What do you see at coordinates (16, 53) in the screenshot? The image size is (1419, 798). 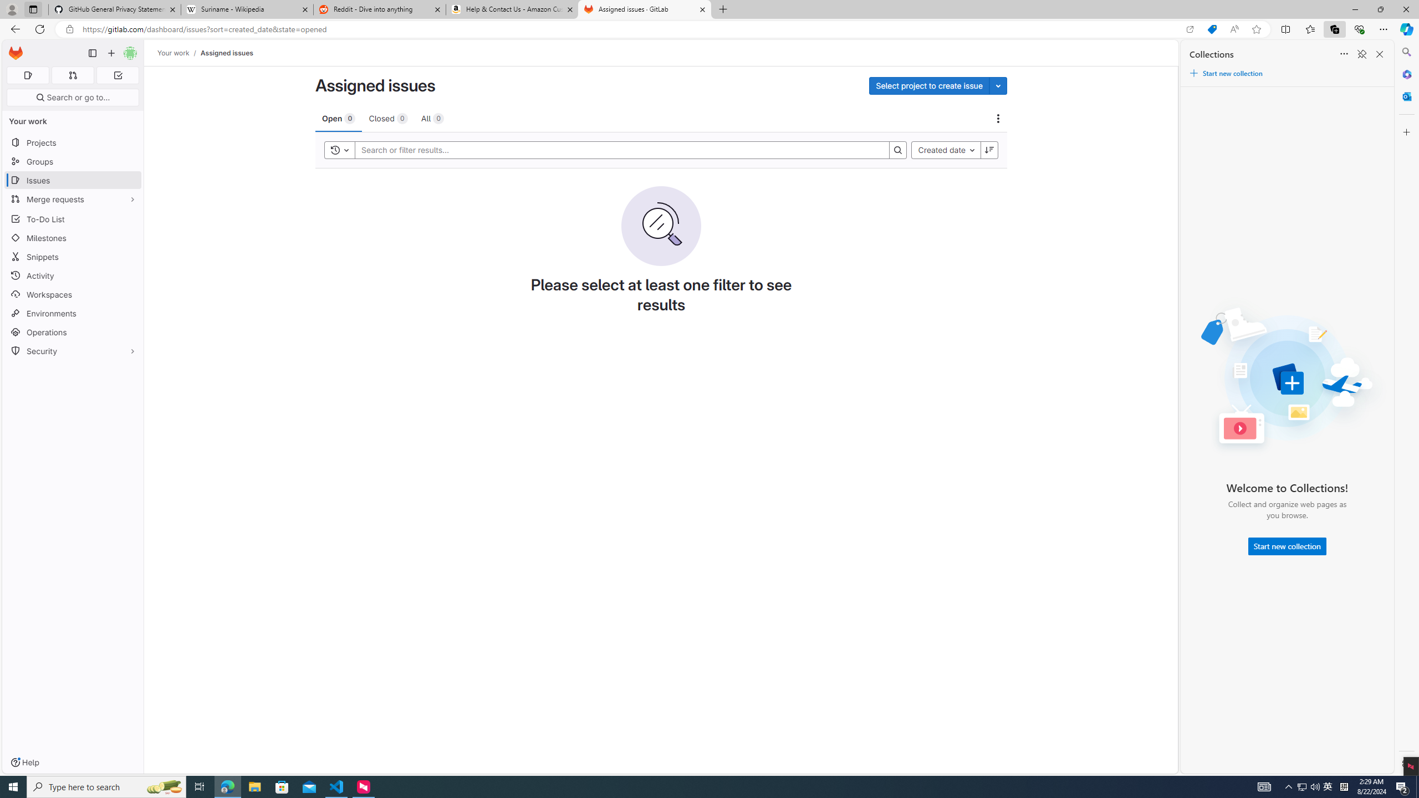 I see `'Homepage'` at bounding box center [16, 53].